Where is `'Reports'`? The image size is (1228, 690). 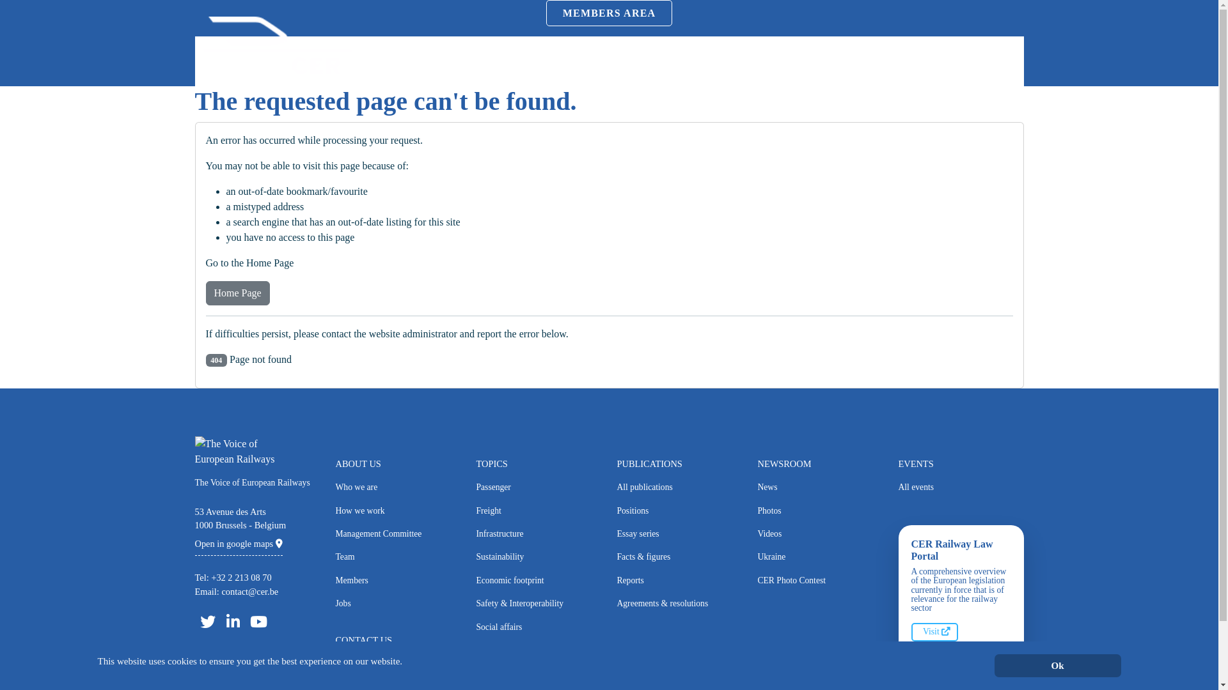
'Reports' is located at coordinates (678, 581).